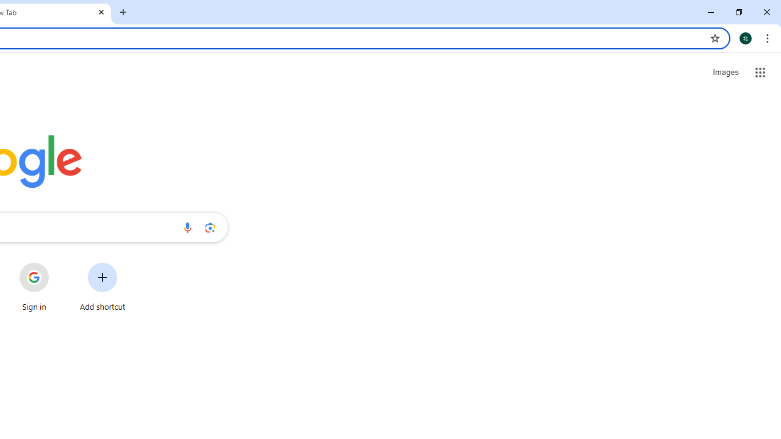 The image size is (781, 439). What do you see at coordinates (768, 37) in the screenshot?
I see `'Chrome'` at bounding box center [768, 37].